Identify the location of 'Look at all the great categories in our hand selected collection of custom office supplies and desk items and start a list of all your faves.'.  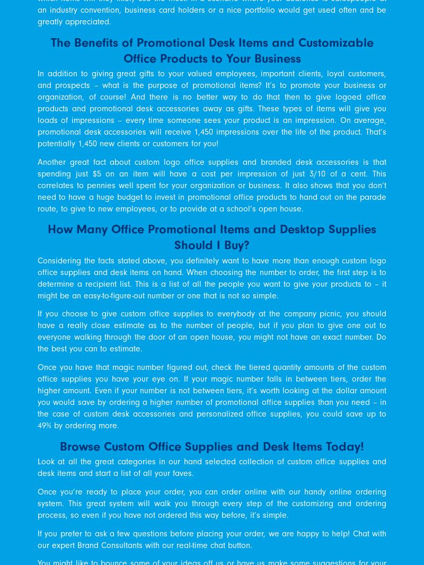
(212, 467).